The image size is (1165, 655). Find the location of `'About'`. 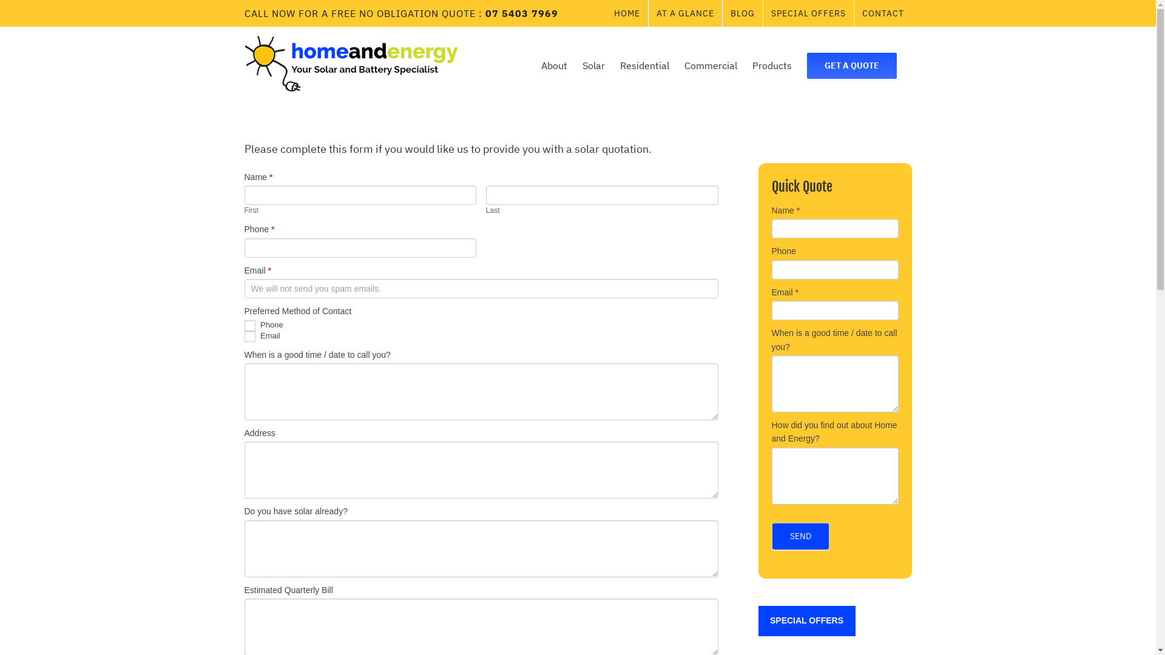

'About' is located at coordinates (541, 65).